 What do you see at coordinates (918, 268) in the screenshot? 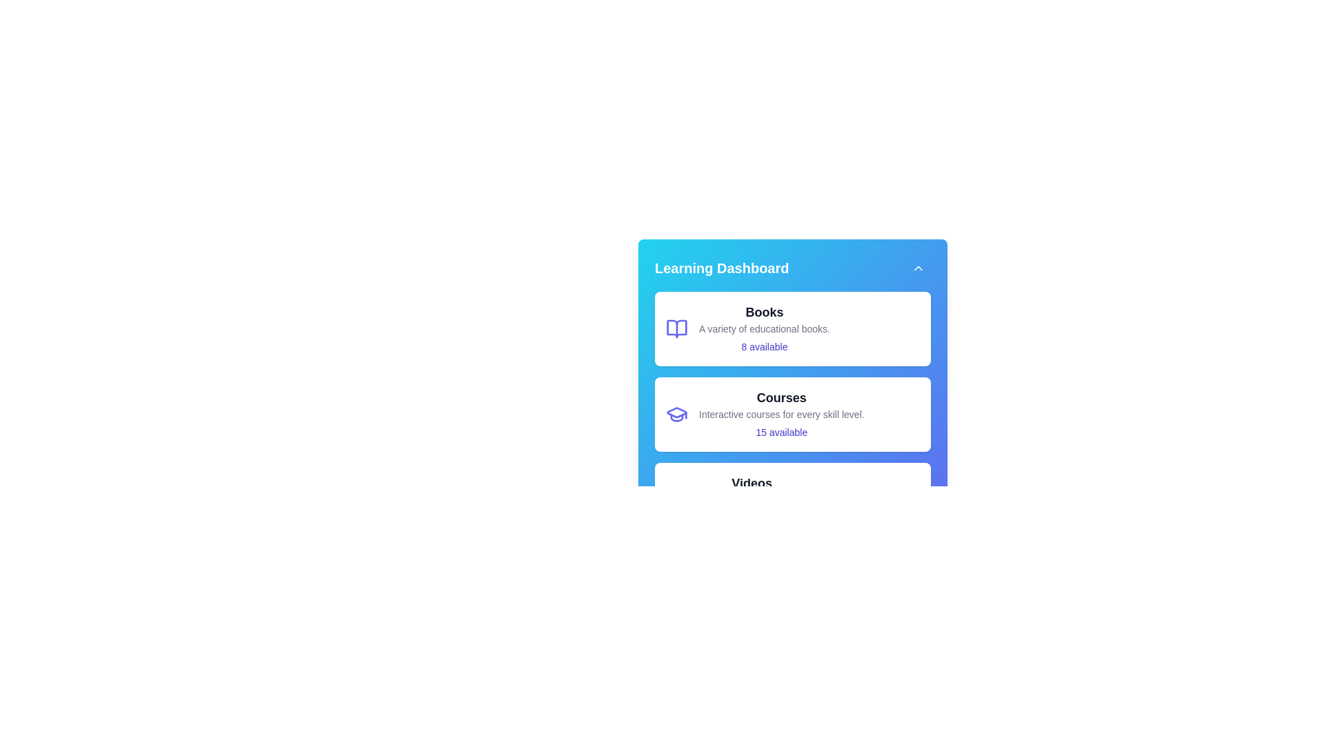
I see `button in the header to toggle the menu visibility` at bounding box center [918, 268].